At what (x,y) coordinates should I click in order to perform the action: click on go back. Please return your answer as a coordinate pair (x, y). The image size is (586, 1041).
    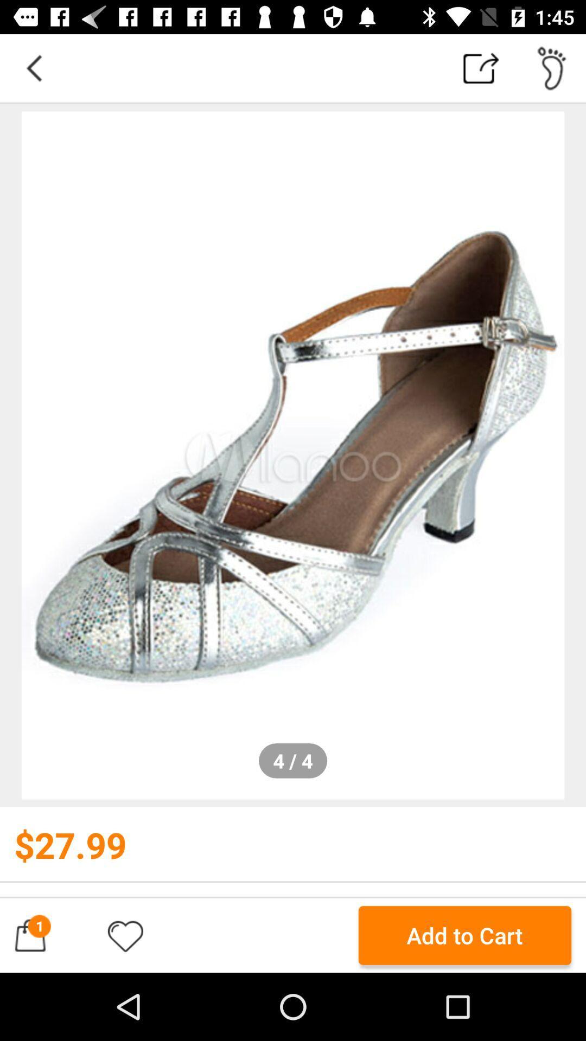
    Looking at the image, I should click on (33, 67).